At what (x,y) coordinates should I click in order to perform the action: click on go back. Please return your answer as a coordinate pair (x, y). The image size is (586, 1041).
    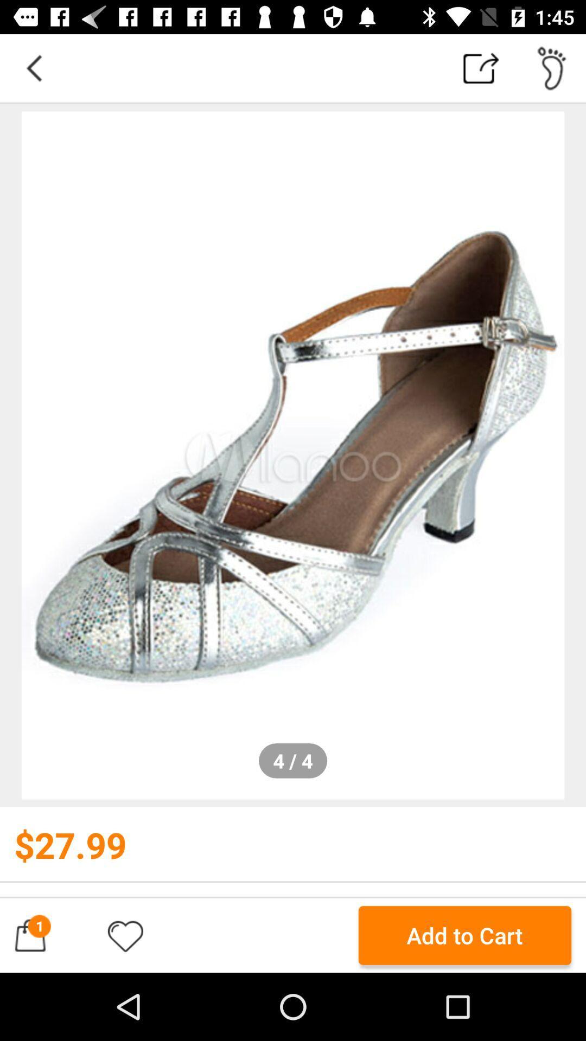
    Looking at the image, I should click on (33, 67).